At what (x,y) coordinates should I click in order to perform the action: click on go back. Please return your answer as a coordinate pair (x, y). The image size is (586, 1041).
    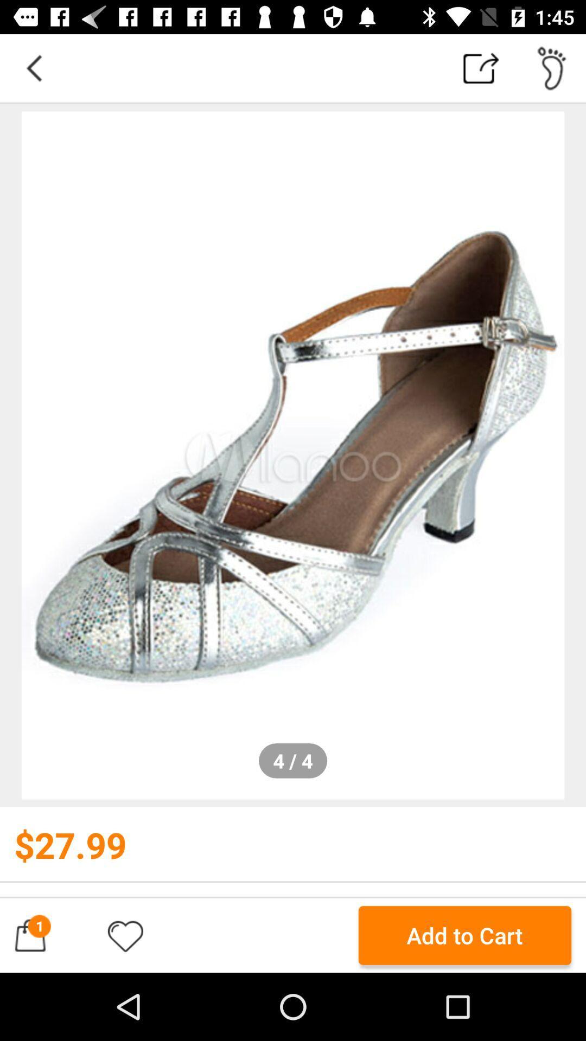
    Looking at the image, I should click on (33, 67).